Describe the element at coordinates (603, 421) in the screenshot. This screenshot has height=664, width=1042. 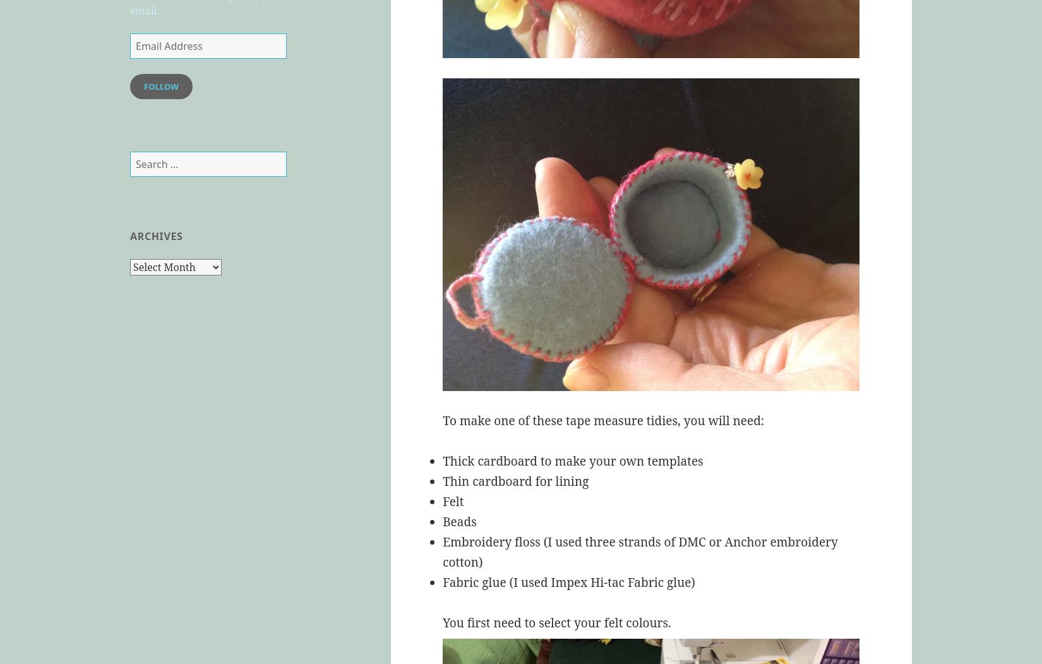
I see `'To make one of these tape measure tidies, you will need:'` at that location.